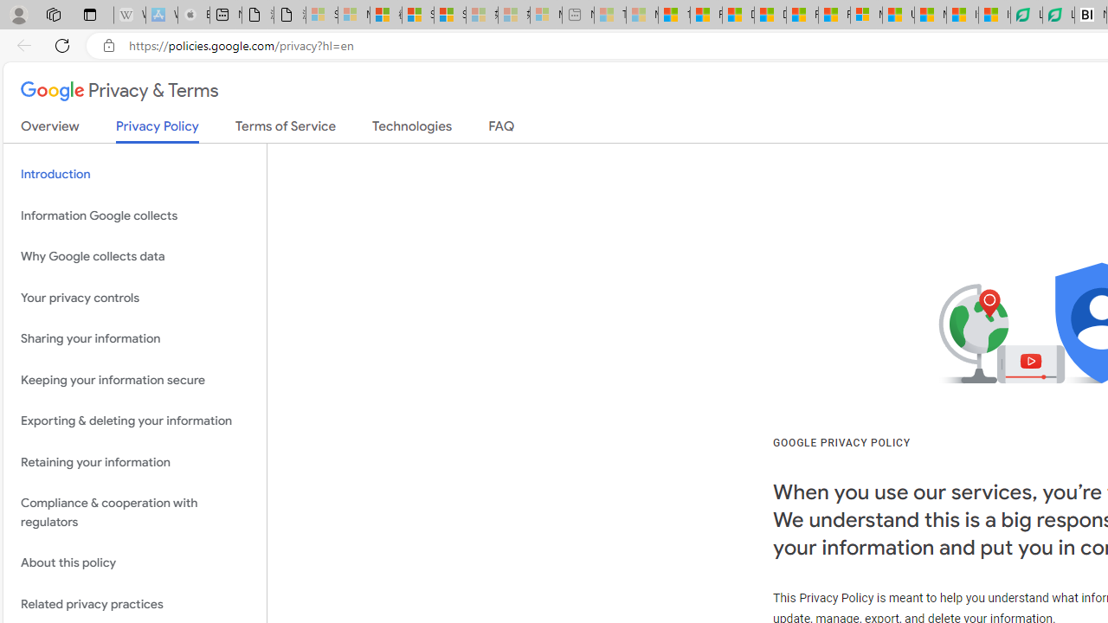  What do you see at coordinates (610, 15) in the screenshot?
I see `'Top Stories - MSN - Sleeping'` at bounding box center [610, 15].